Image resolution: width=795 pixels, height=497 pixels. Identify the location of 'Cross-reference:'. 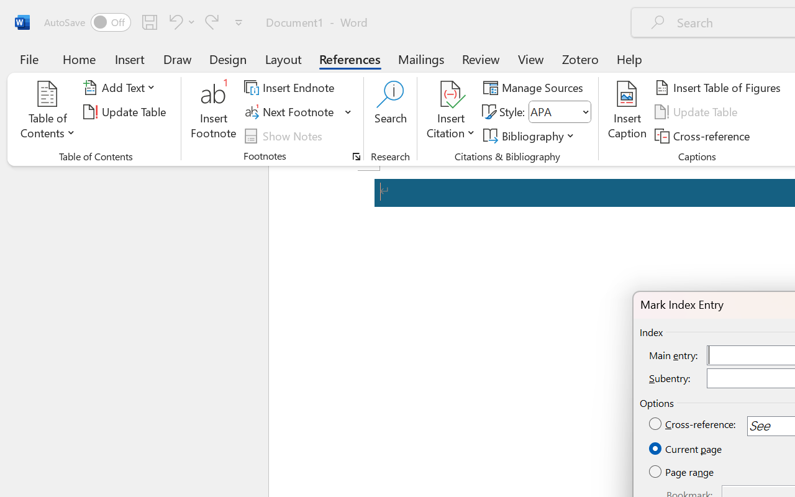
(693, 424).